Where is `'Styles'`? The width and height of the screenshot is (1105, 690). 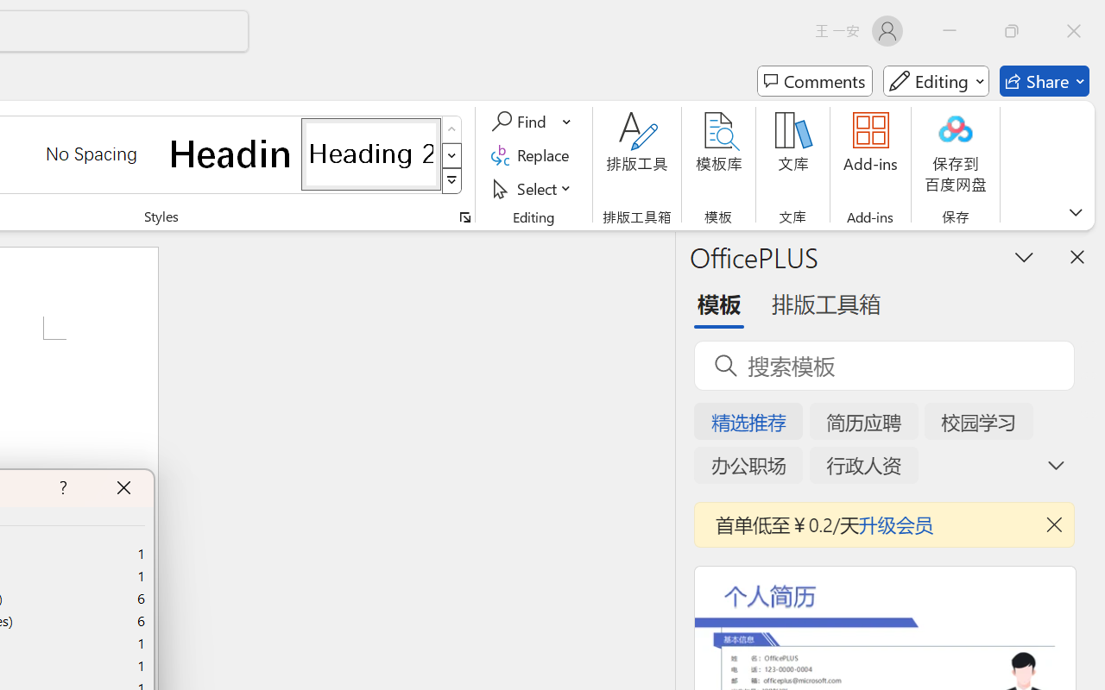
'Styles' is located at coordinates (451, 181).